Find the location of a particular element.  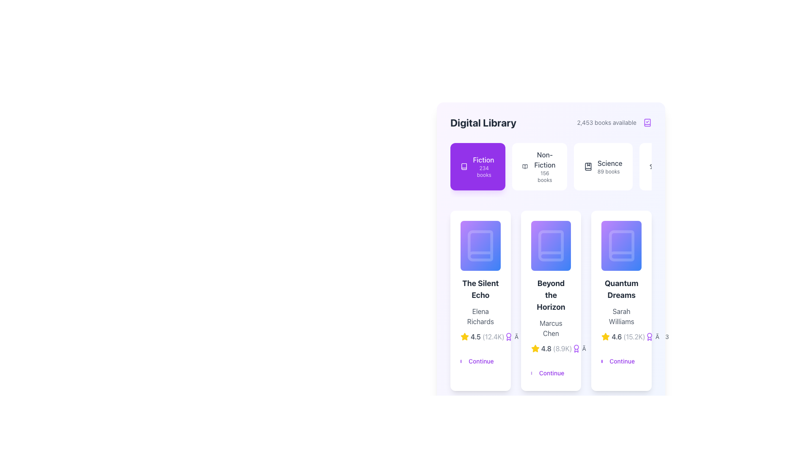

the text label displaying '89 books', which is located directly below the word 'Science' in a vertical layout is located at coordinates (608, 171).